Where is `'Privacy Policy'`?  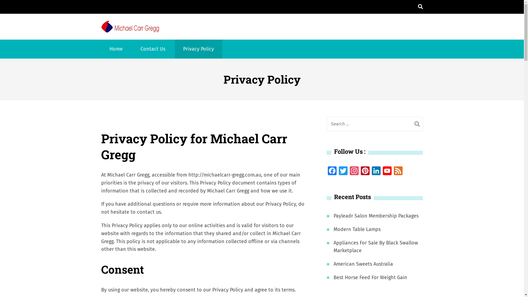
'Privacy Policy' is located at coordinates (198, 49).